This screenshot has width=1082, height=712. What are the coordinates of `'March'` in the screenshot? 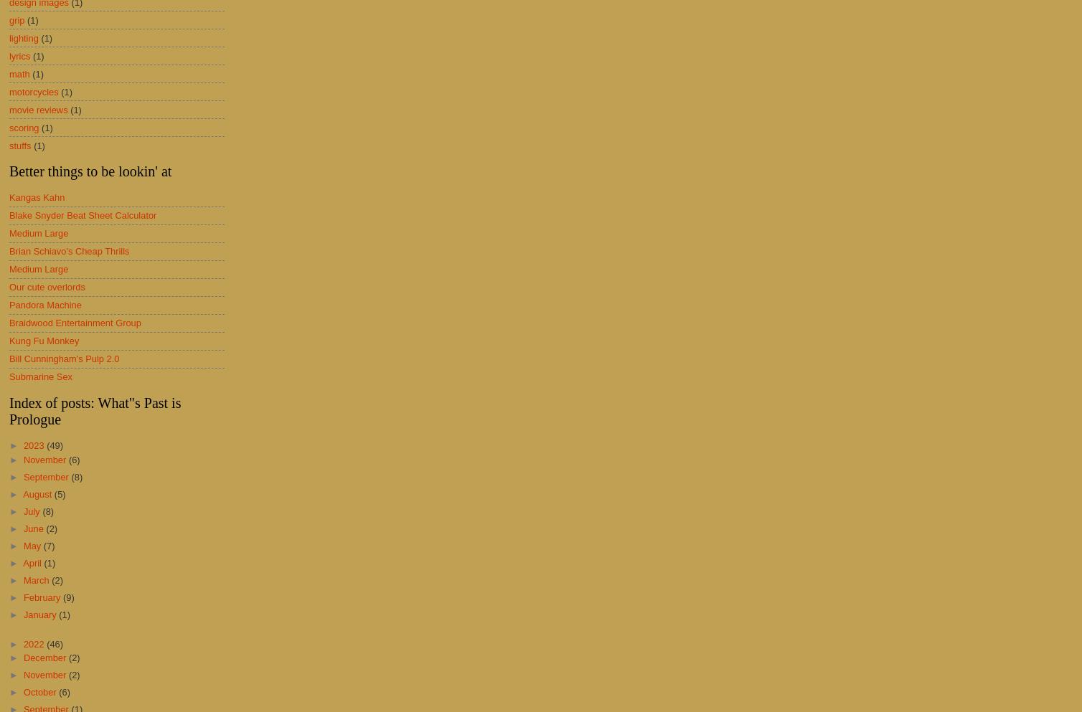 It's located at (37, 579).